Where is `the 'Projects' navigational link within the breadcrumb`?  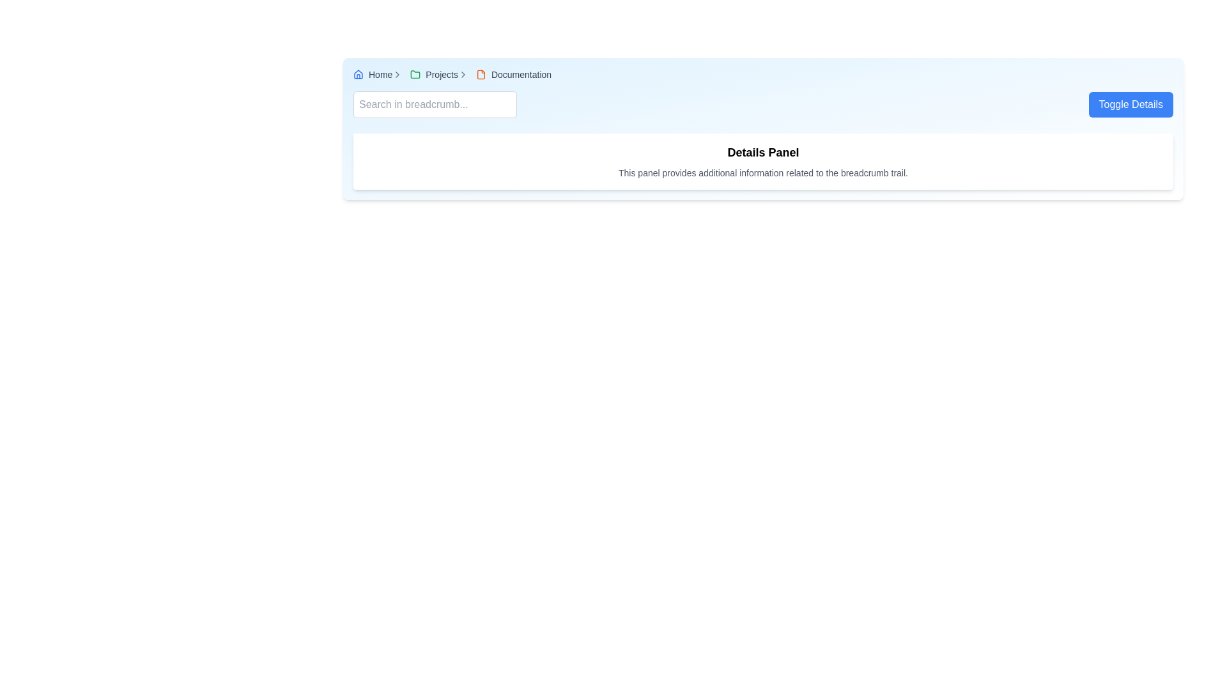 the 'Projects' navigational link within the breadcrumb is located at coordinates (439, 74).